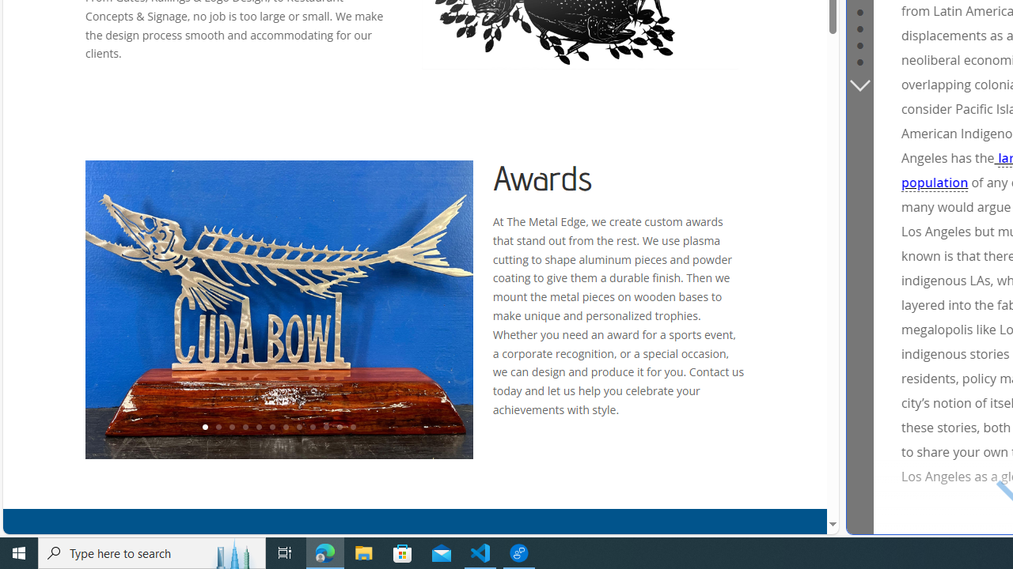 The width and height of the screenshot is (1013, 569). I want to click on '4', so click(244, 428).